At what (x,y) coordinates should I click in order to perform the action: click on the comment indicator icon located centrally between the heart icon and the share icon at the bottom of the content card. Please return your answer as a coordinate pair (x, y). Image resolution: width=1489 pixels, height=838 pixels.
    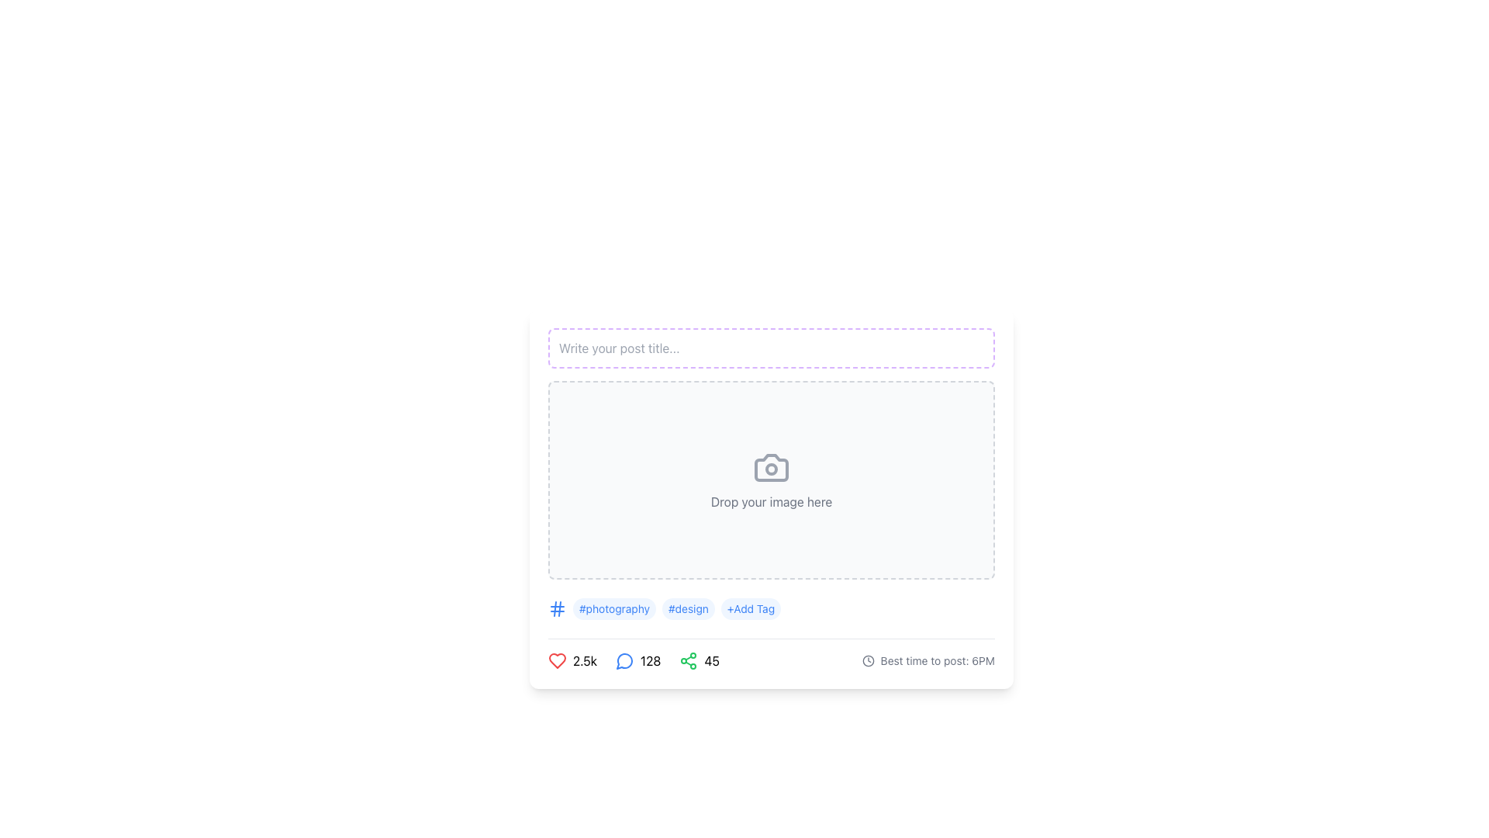
    Looking at the image, I should click on (624, 661).